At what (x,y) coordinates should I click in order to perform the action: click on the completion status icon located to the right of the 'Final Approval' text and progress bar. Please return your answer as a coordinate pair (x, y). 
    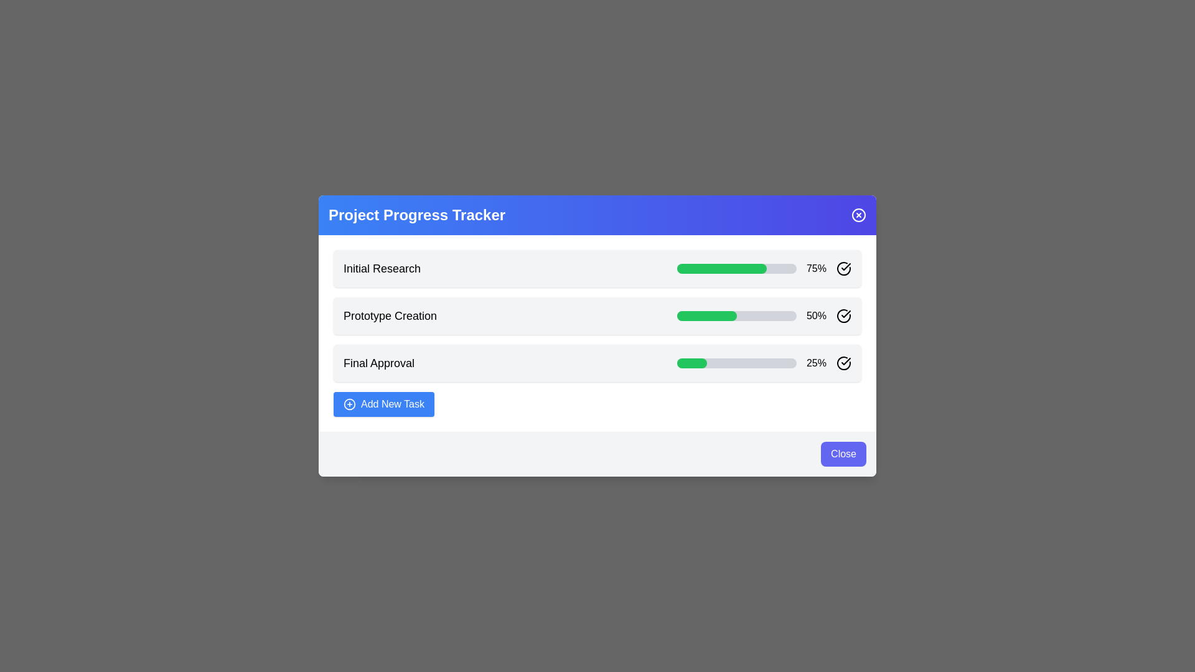
    Looking at the image, I should click on (846, 314).